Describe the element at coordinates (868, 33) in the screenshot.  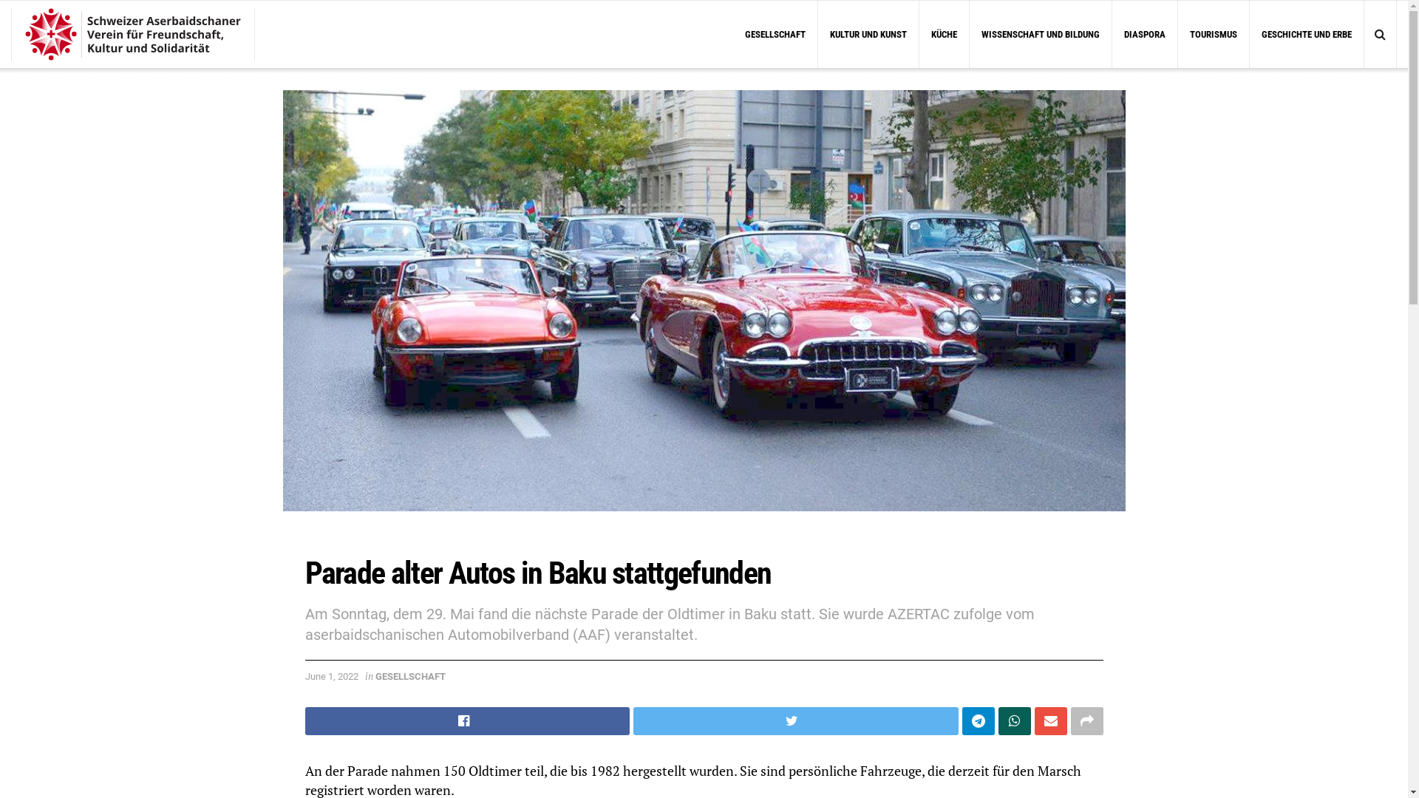
I see `'KULTUR UND KUNST'` at that location.